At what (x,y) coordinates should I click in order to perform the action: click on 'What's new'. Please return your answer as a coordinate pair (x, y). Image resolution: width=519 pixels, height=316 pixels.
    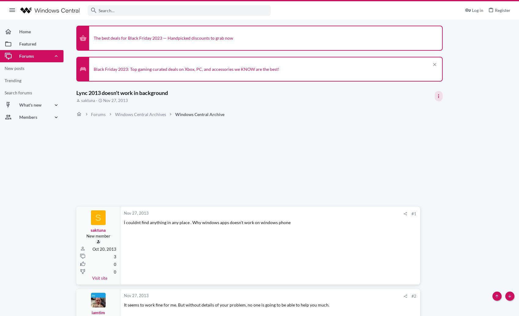
    Looking at the image, I should click on (30, 105).